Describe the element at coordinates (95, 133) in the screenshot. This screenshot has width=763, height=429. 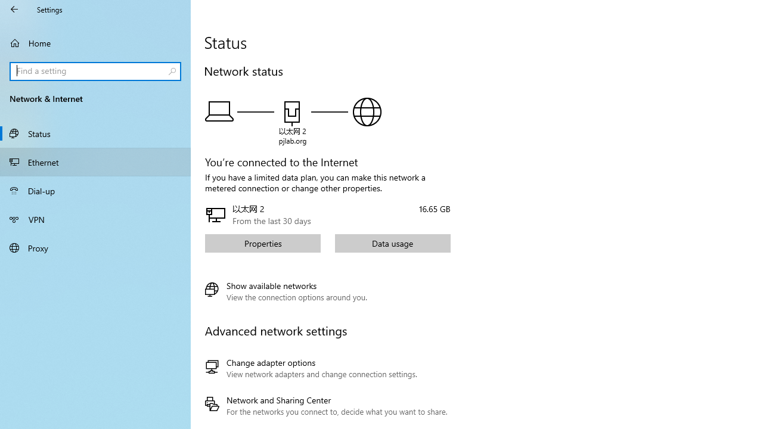
I see `'Status'` at that location.